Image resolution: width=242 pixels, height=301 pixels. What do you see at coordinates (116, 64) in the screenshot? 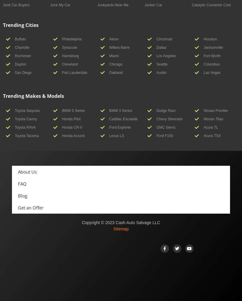
I see `'Chicago'` at bounding box center [116, 64].